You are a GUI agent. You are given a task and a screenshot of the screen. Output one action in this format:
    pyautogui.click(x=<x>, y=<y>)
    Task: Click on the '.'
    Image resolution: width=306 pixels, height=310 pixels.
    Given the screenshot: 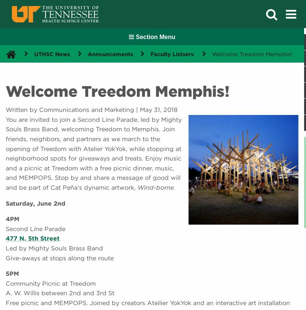 What is the action you would take?
    pyautogui.click(x=174, y=187)
    